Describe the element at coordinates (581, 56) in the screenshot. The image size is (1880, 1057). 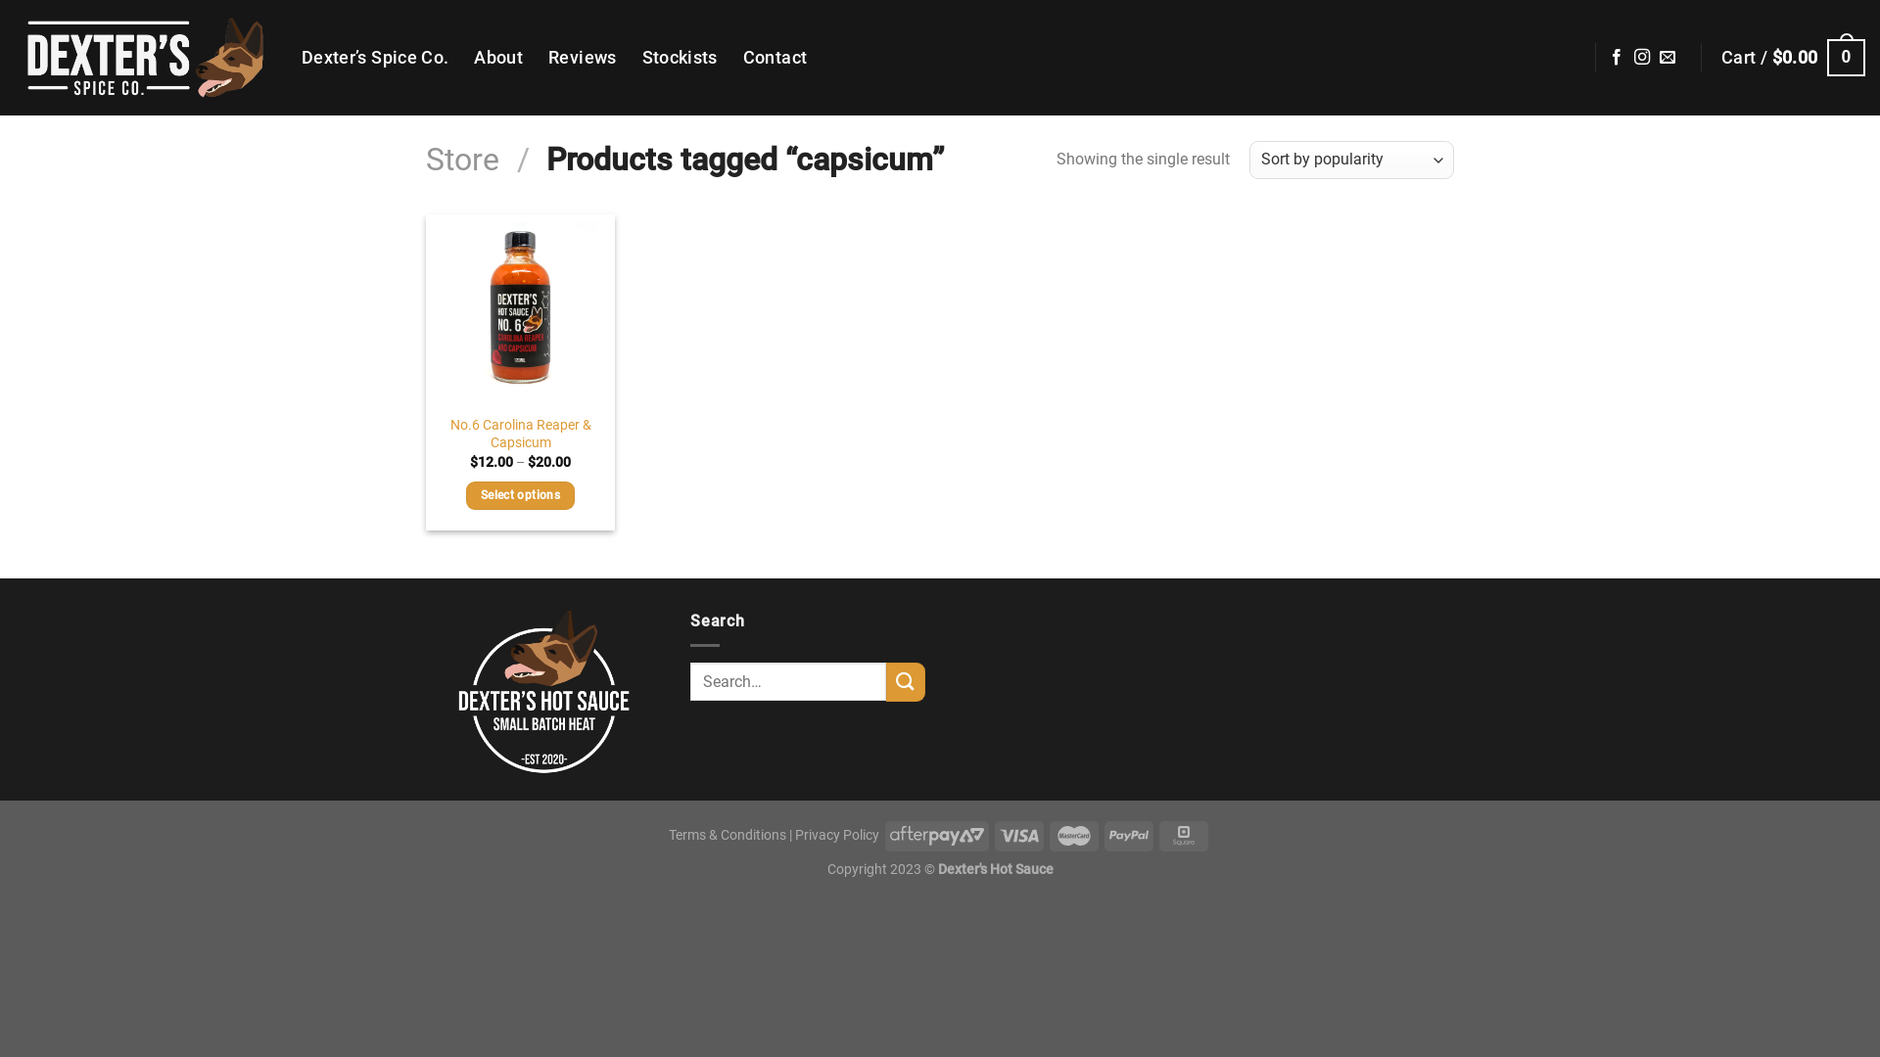
I see `'Reviews'` at that location.